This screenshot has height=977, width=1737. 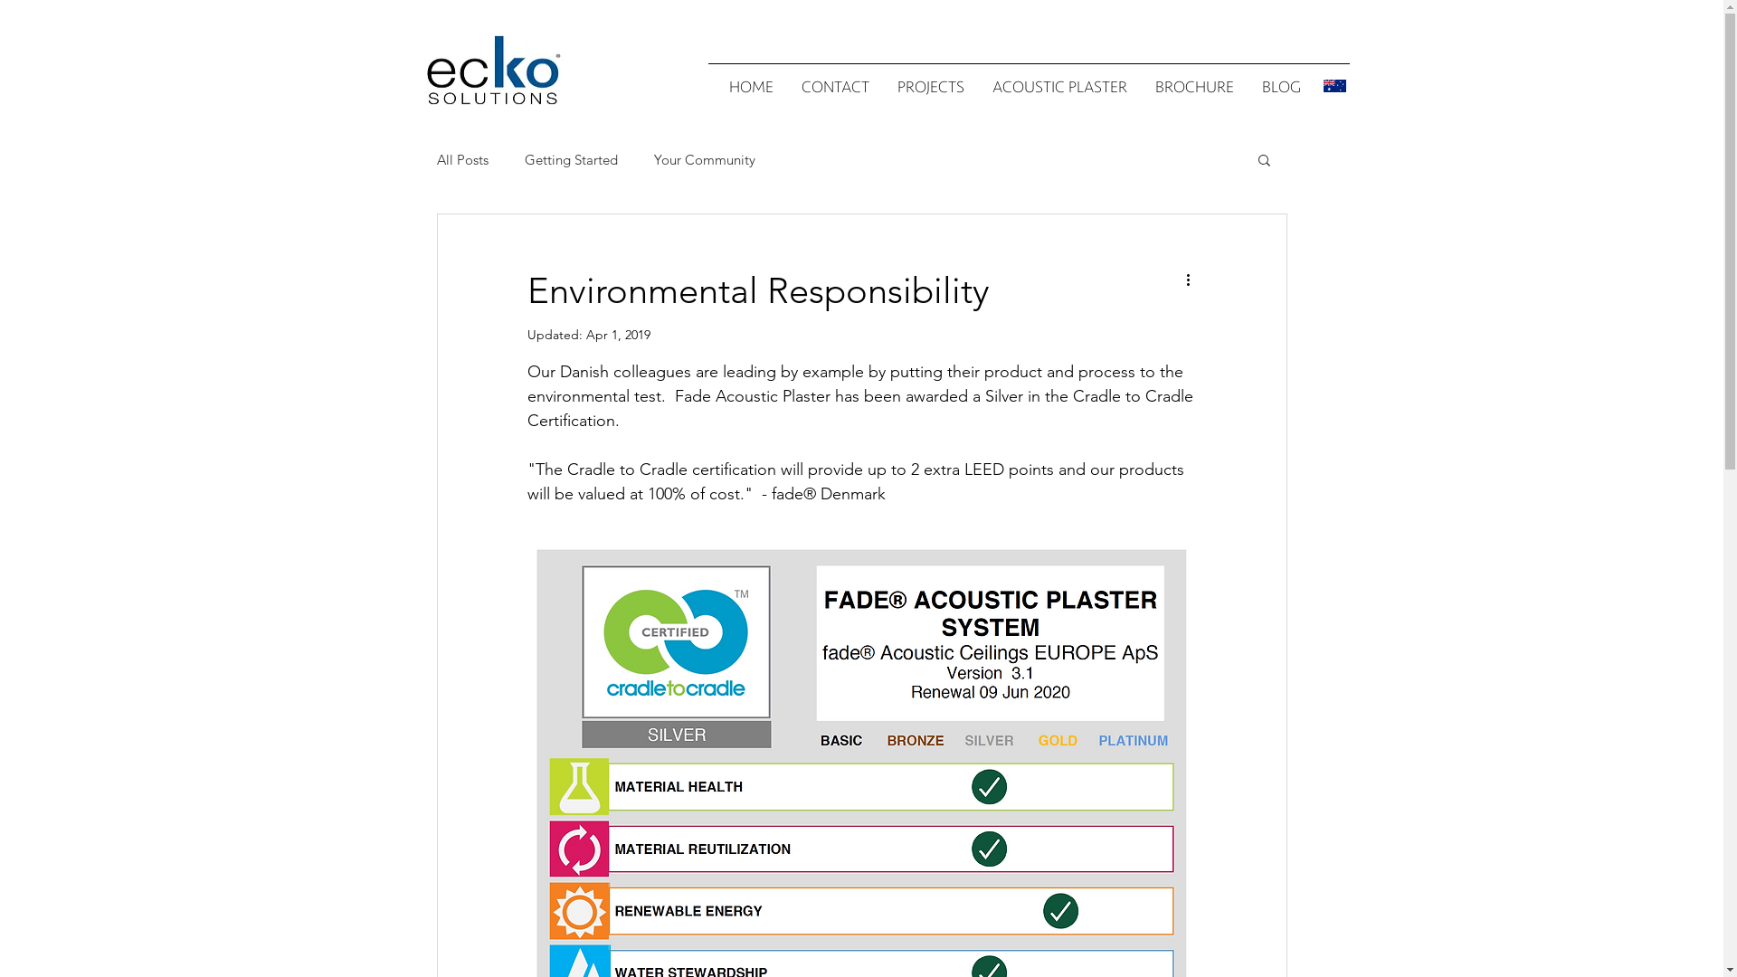 I want to click on 'BLOG', so click(x=1248, y=87).